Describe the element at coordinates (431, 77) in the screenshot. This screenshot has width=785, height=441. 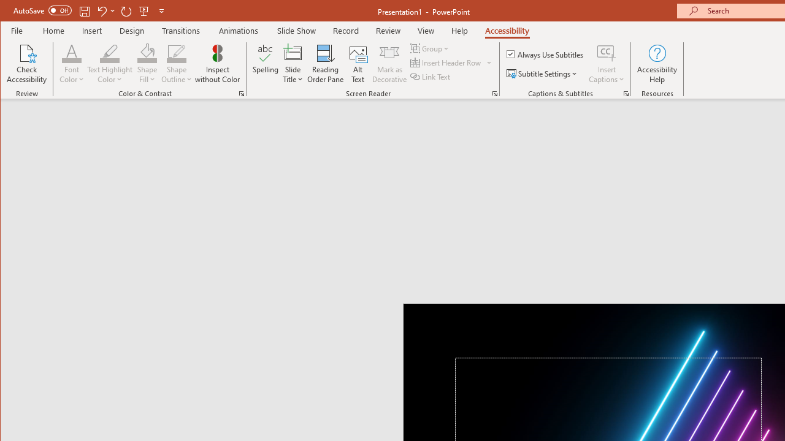
I see `'Link Text'` at that location.